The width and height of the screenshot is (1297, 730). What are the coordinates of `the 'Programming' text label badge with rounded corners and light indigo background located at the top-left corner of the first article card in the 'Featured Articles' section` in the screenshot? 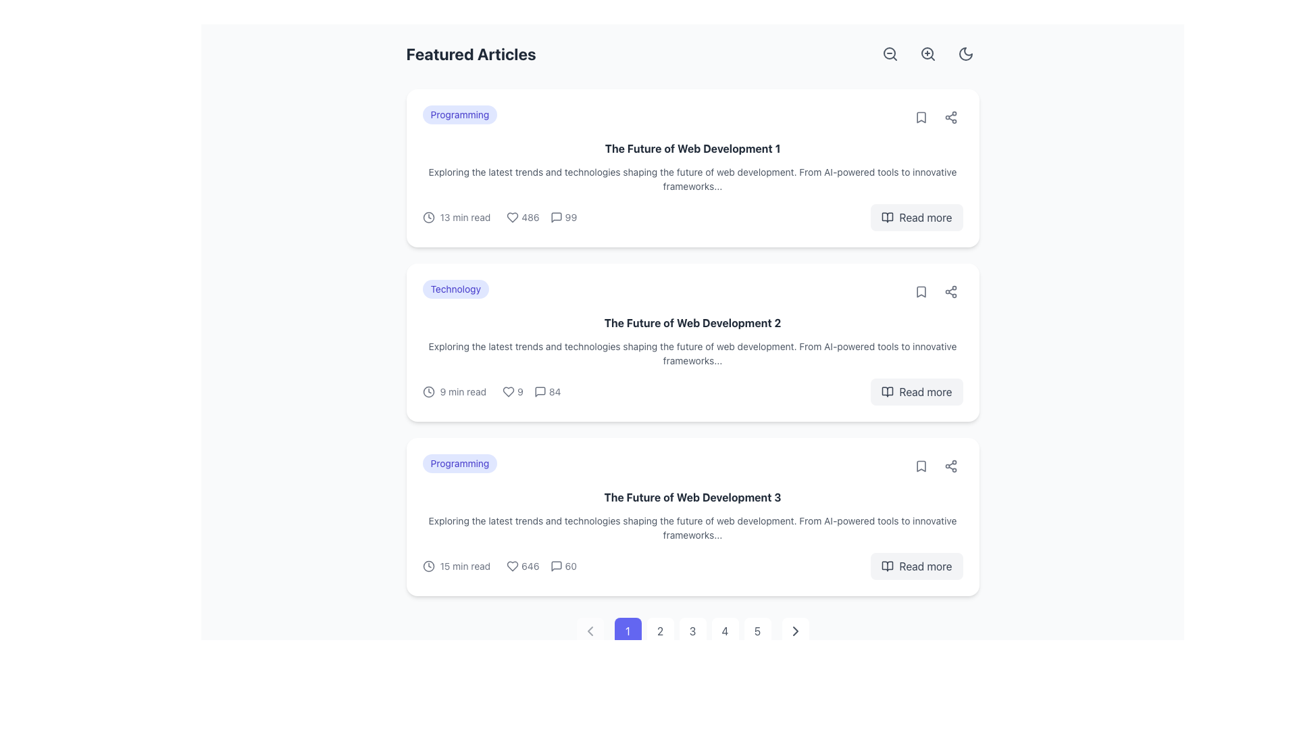 It's located at (459, 114).